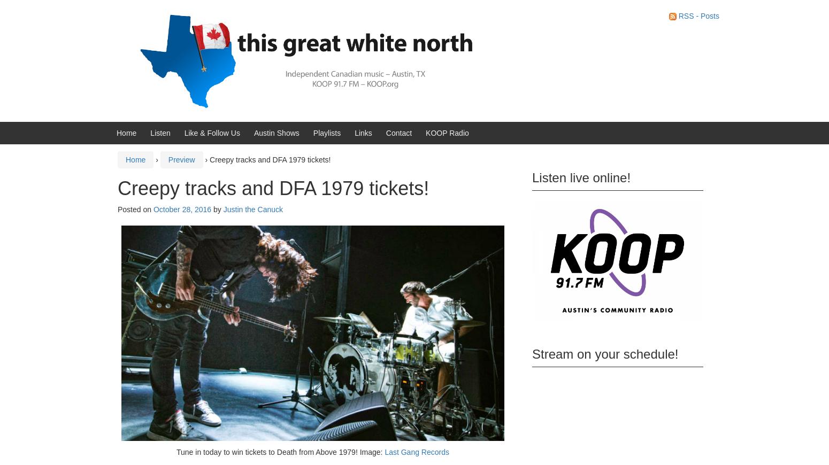 The height and width of the screenshot is (465, 829). I want to click on 'Austin Shows', so click(275, 133).